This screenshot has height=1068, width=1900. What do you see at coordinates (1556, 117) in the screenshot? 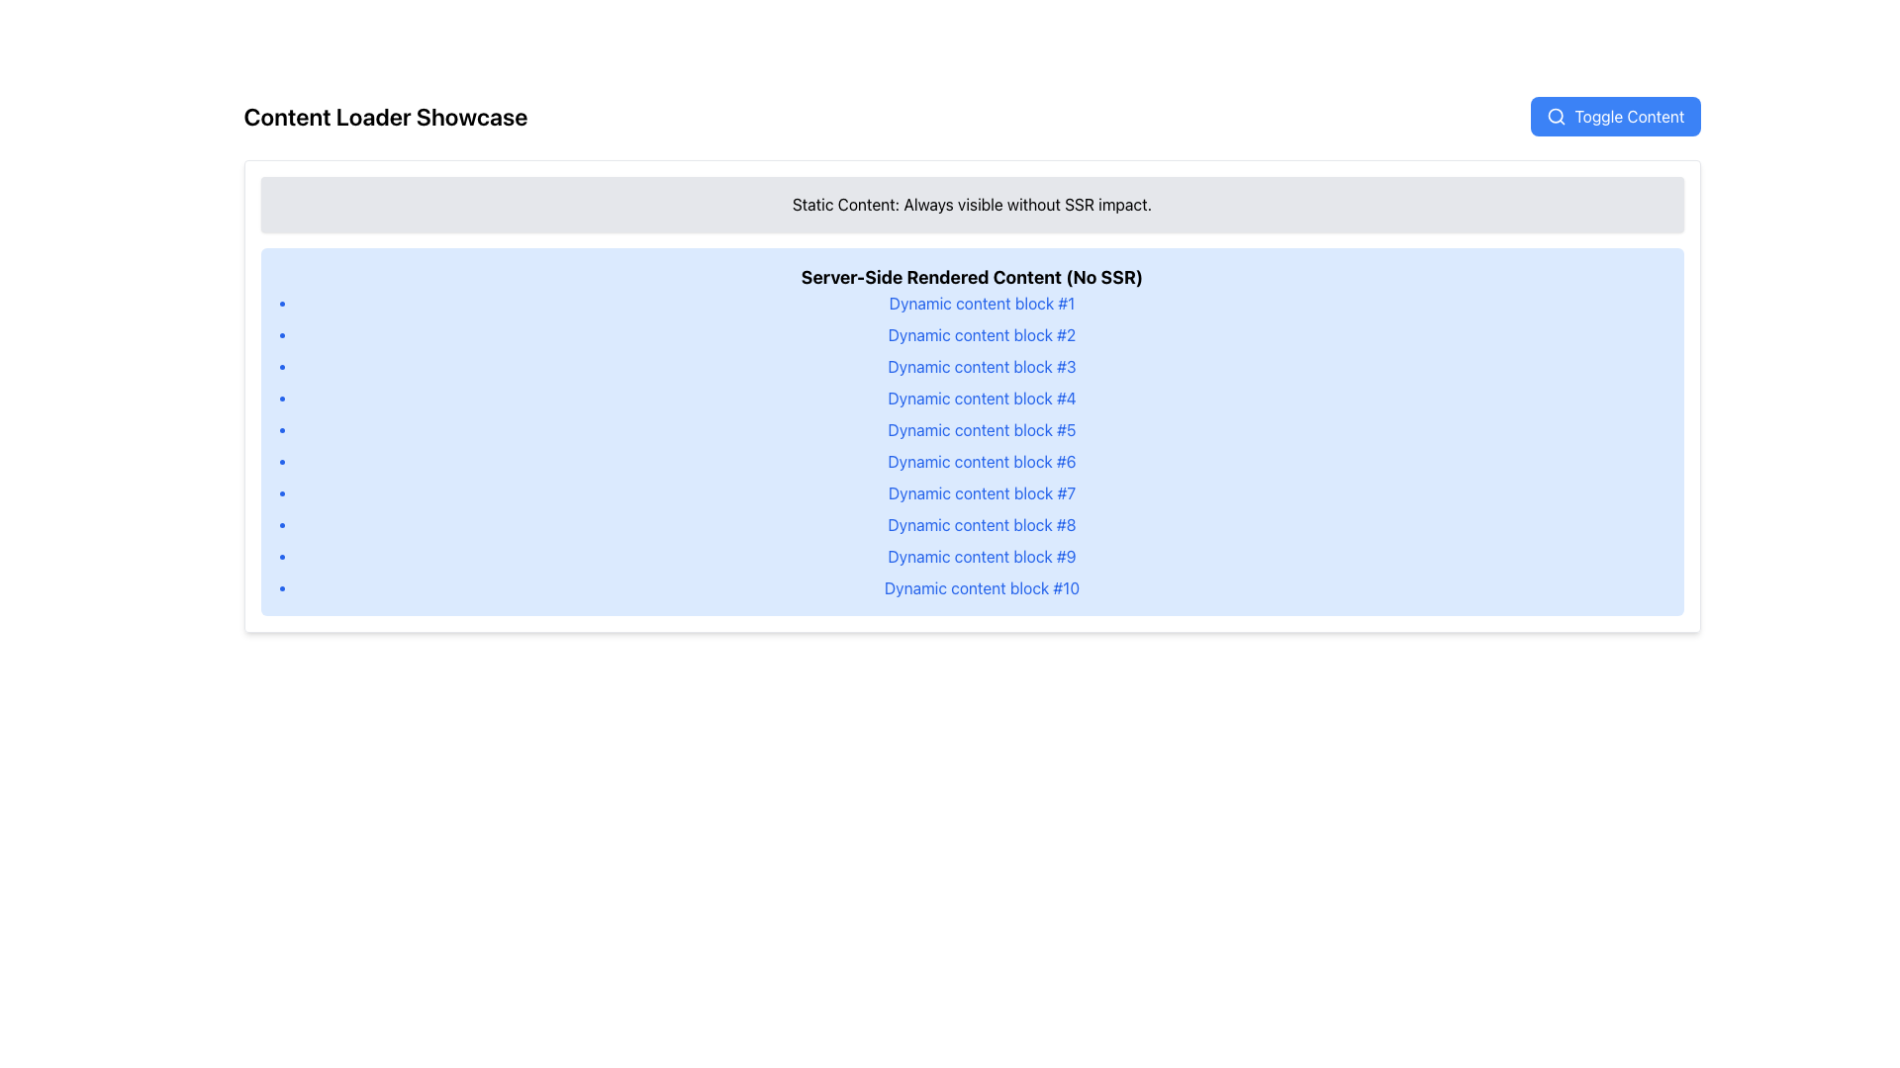
I see `the search icon located to the left of the text in the 'Toggle Content' button in the top-right region of the interface` at bounding box center [1556, 117].